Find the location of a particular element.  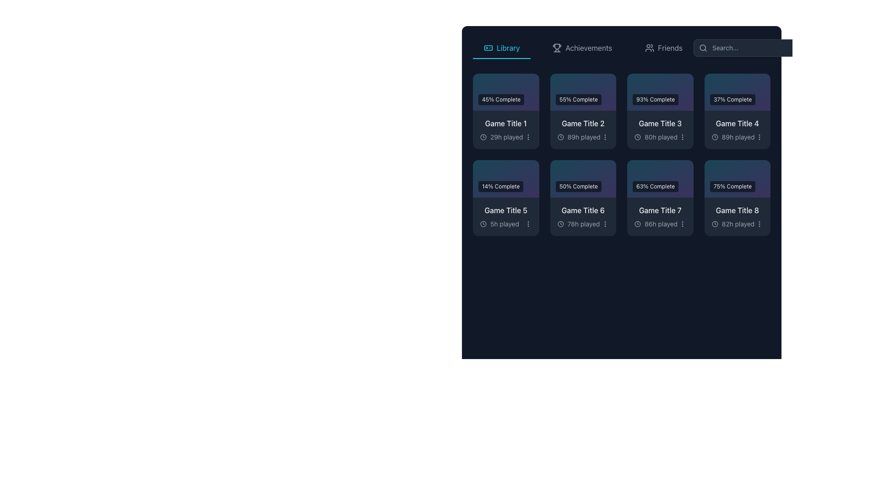

the circular decorative visual element, part of the clock icon, located to the left of the text indicating '89h played' for 'Game Title 4' is located at coordinates (714, 137).